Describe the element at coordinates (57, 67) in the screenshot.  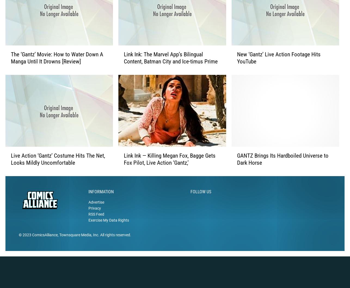
I see `'The ‘Gantz’ Movie: How to Water Down A Manga Until It Drowns [Review]'` at that location.